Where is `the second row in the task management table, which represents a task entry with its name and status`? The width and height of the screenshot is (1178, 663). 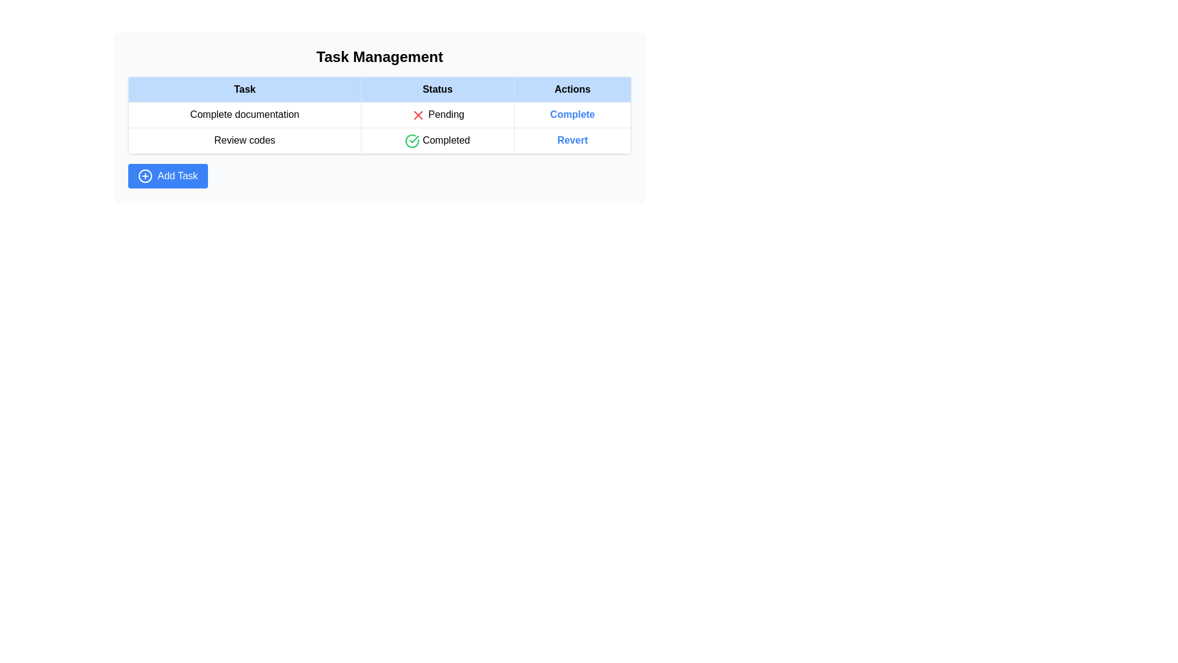 the second row in the task management table, which represents a task entry with its name and status is located at coordinates (379, 139).